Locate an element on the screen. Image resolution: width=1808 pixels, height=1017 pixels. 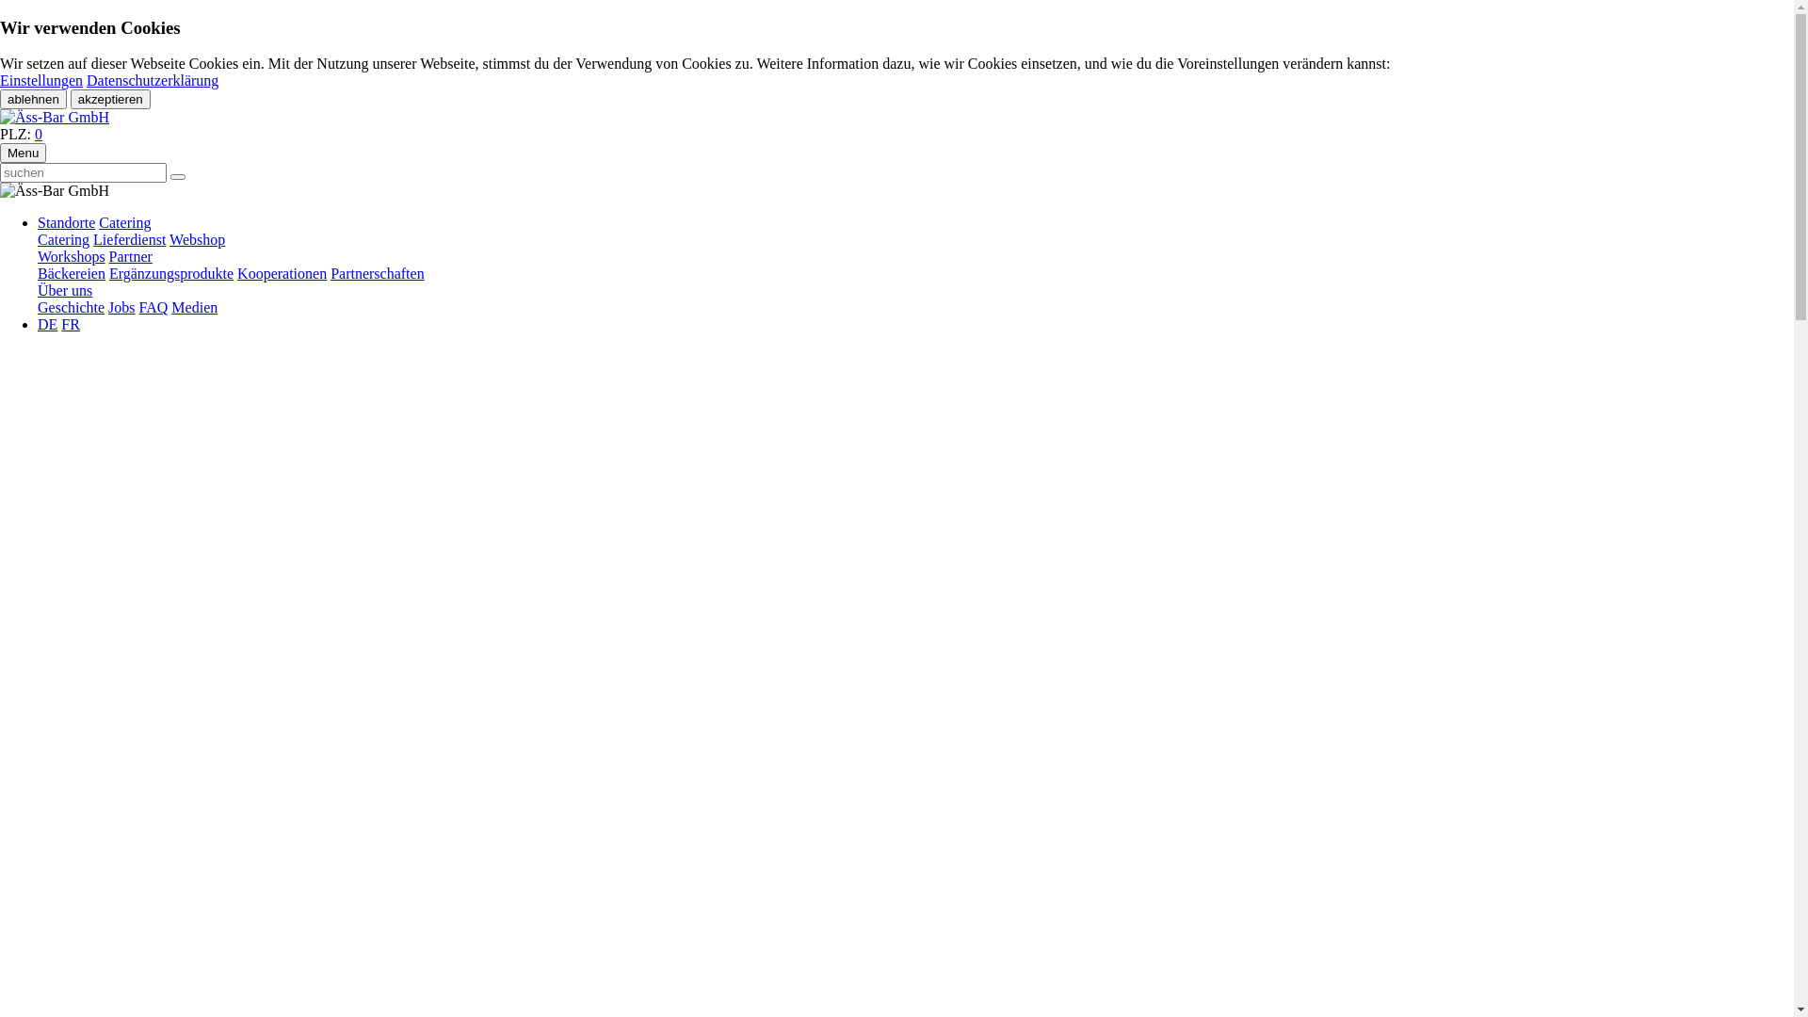
'Catering' is located at coordinates (63, 238).